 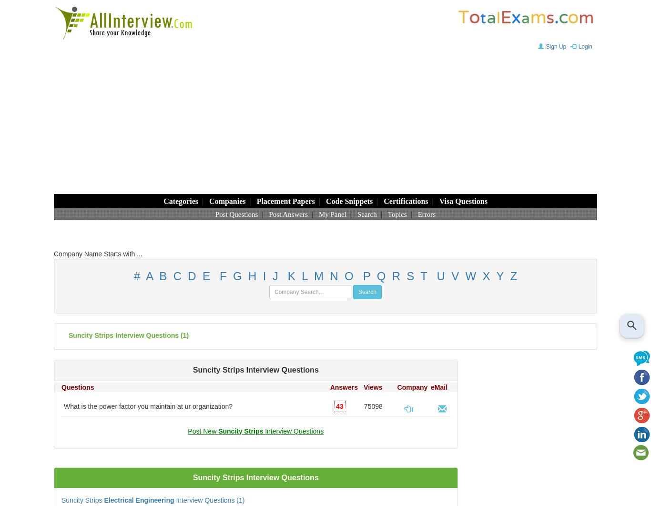 What do you see at coordinates (366, 276) in the screenshot?
I see `'P'` at bounding box center [366, 276].